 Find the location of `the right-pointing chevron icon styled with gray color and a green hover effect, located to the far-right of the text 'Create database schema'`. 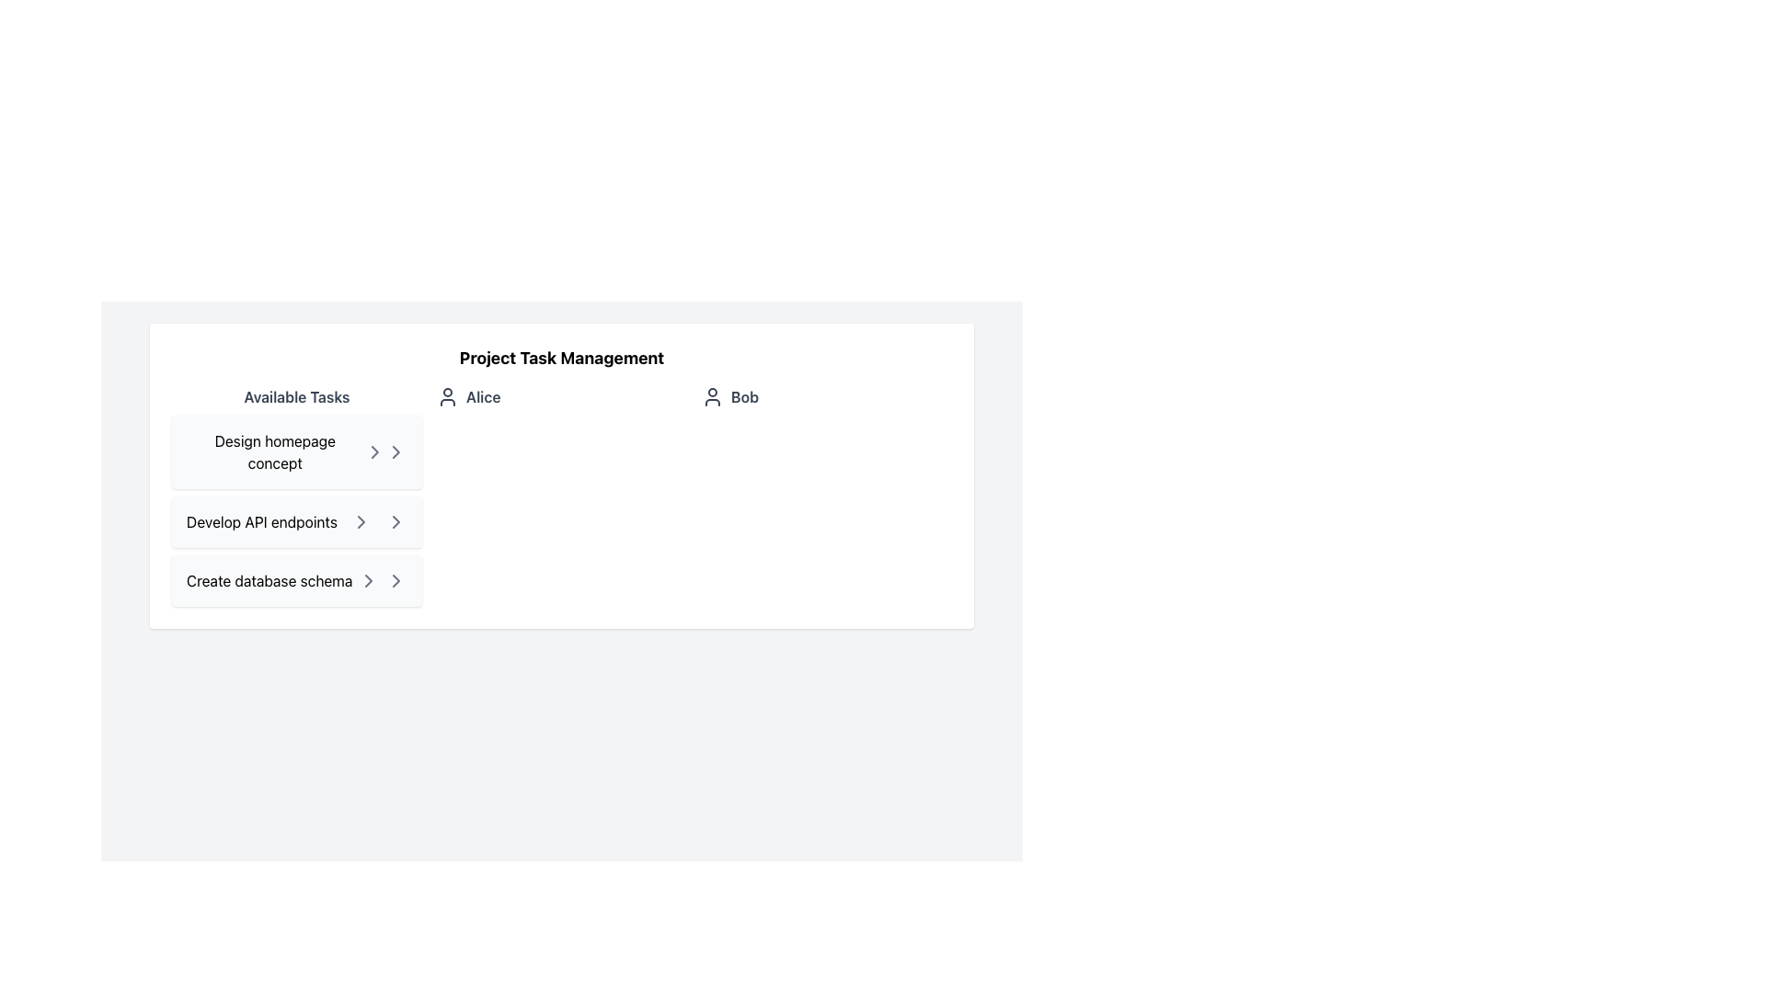

the right-pointing chevron icon styled with gray color and a green hover effect, located to the far-right of the text 'Create database schema' is located at coordinates (368, 581).